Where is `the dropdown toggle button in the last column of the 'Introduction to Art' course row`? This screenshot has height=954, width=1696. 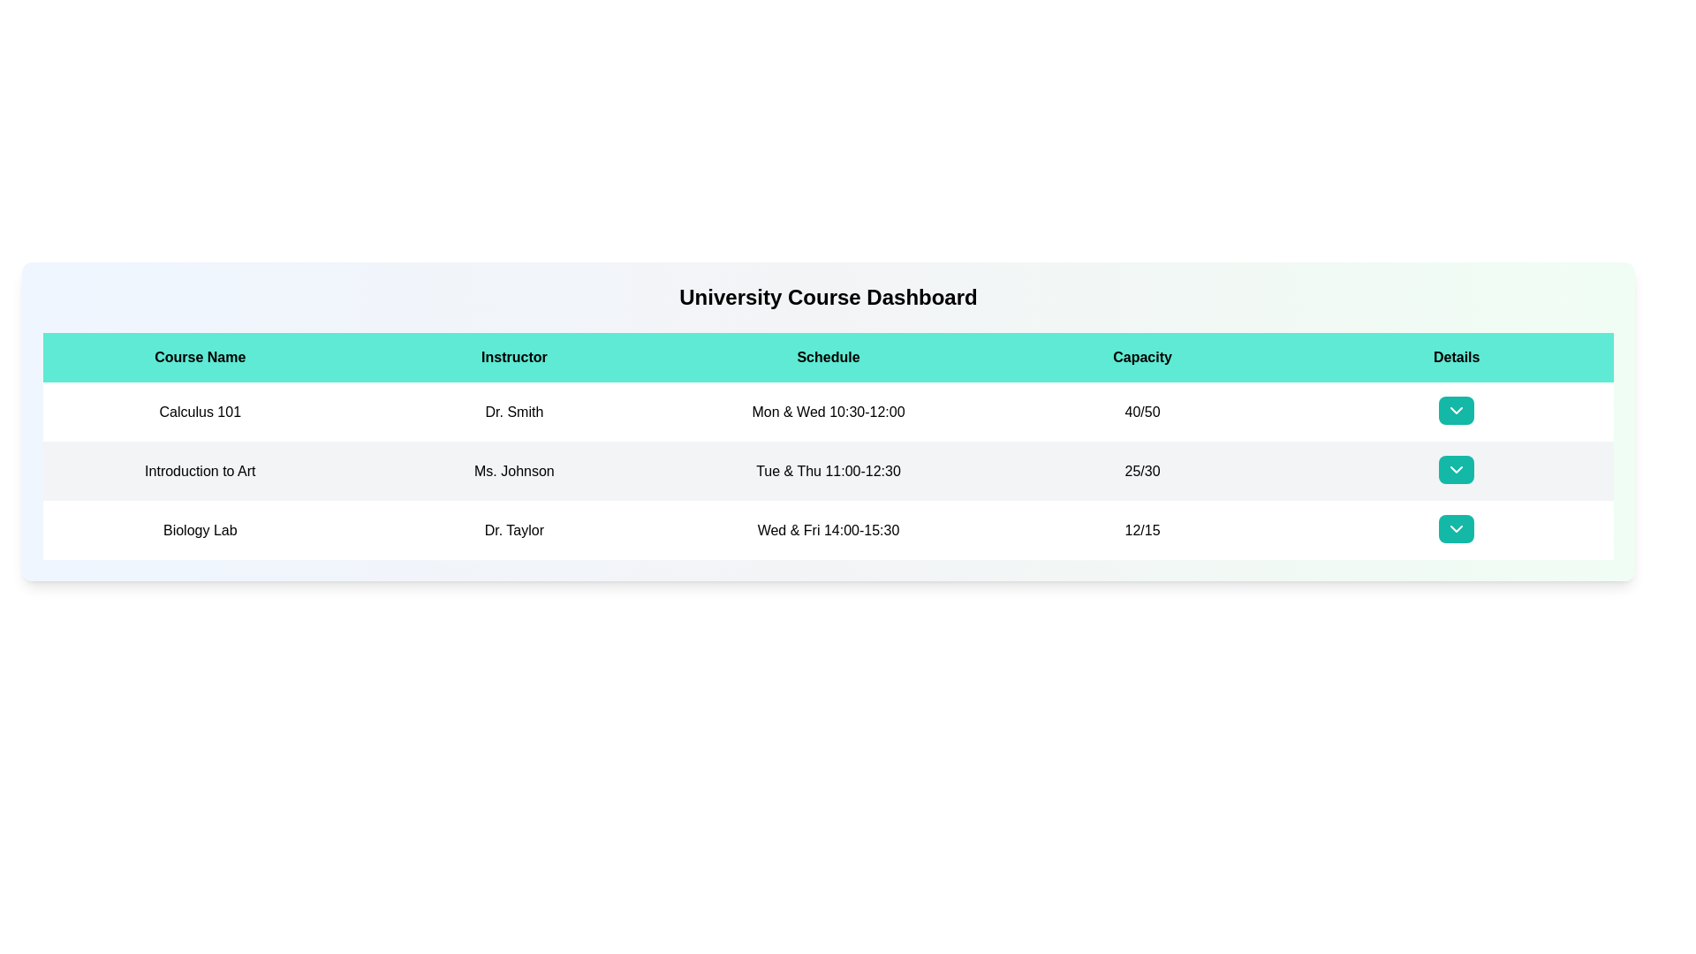
the dropdown toggle button in the last column of the 'Introduction to Art' course row is located at coordinates (1457, 470).